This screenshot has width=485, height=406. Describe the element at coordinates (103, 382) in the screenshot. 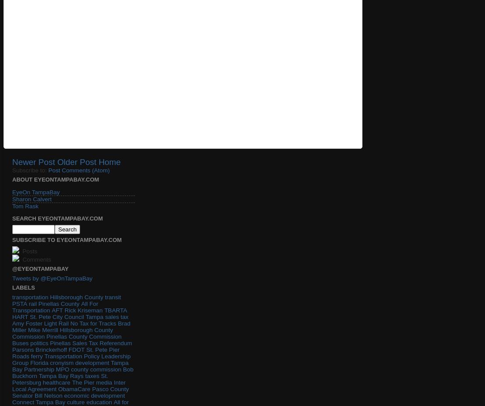

I see `'media'` at that location.